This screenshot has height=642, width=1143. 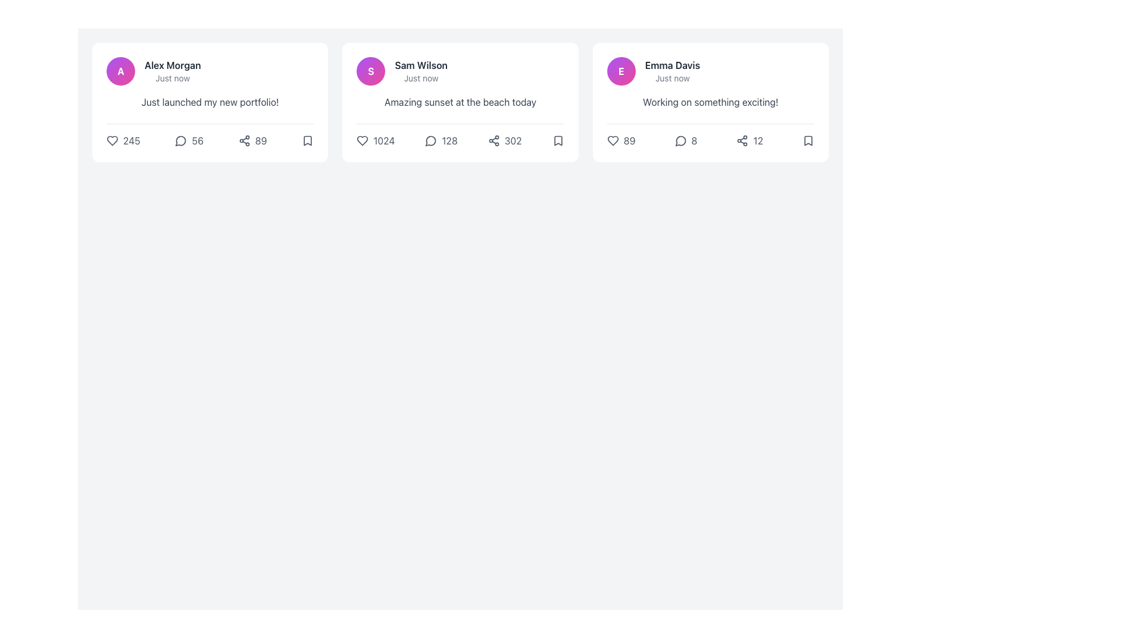 What do you see at coordinates (172, 71) in the screenshot?
I see `the text display that shows the user's name and recent activity timestamp, which is located at the topmost area of a card on the leftmost side of a row of cards, directly to the right of a circular avatar icon` at bounding box center [172, 71].